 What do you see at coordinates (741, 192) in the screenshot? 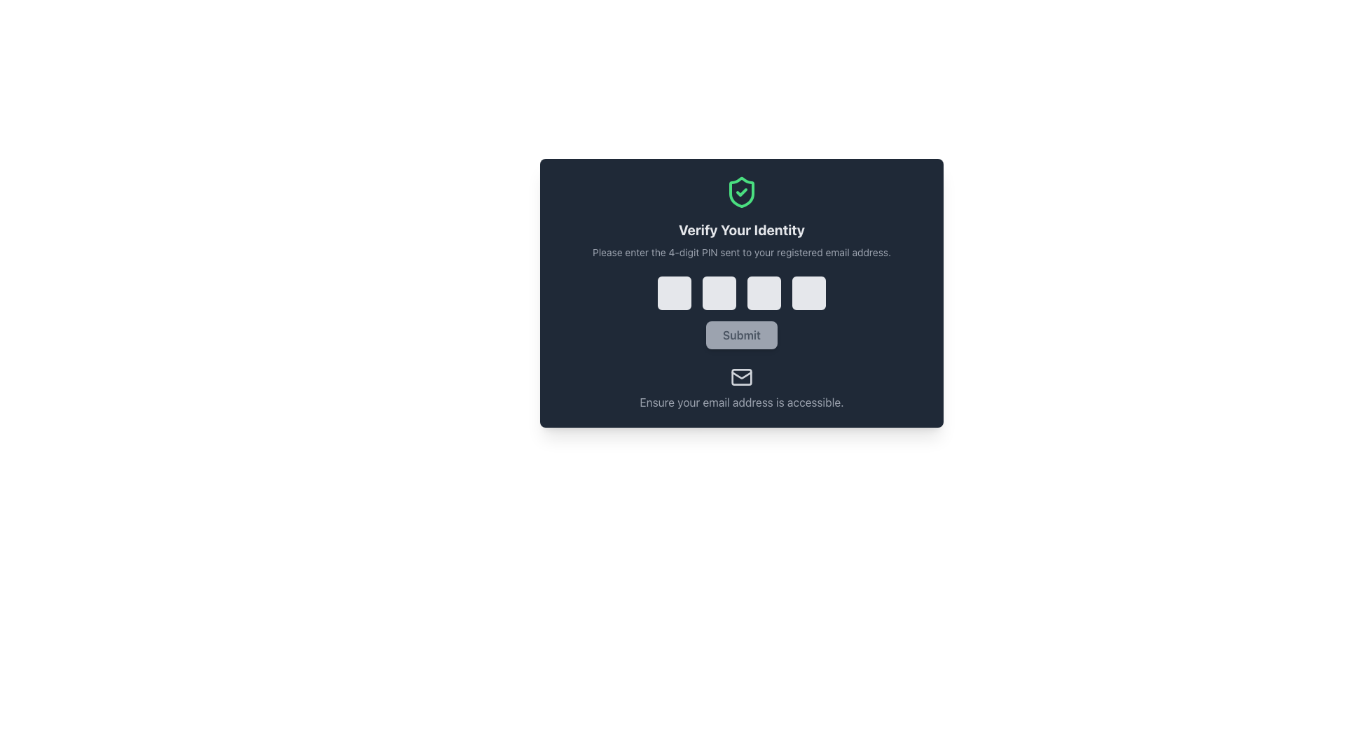
I see `the green shield-shaped icon with a checkmark located above the title text 'Verify Your Identity' in the form panel` at bounding box center [741, 192].